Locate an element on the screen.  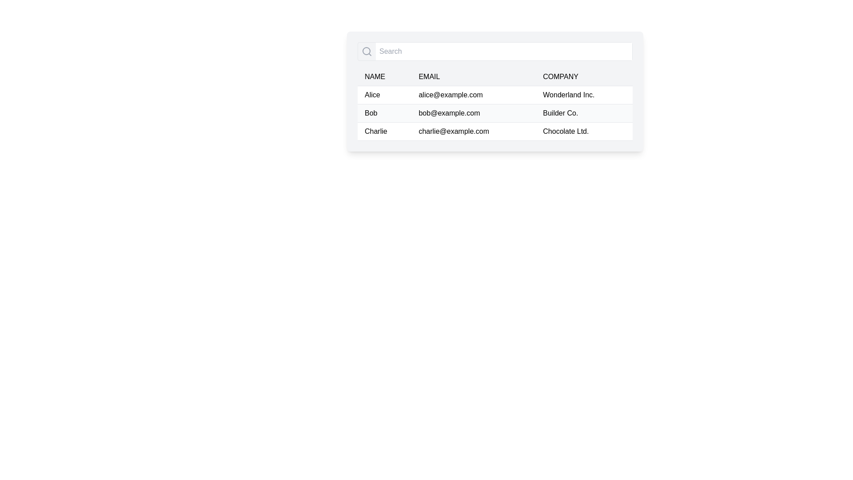
the row displaying information for user 'Bob' is located at coordinates (494, 112).